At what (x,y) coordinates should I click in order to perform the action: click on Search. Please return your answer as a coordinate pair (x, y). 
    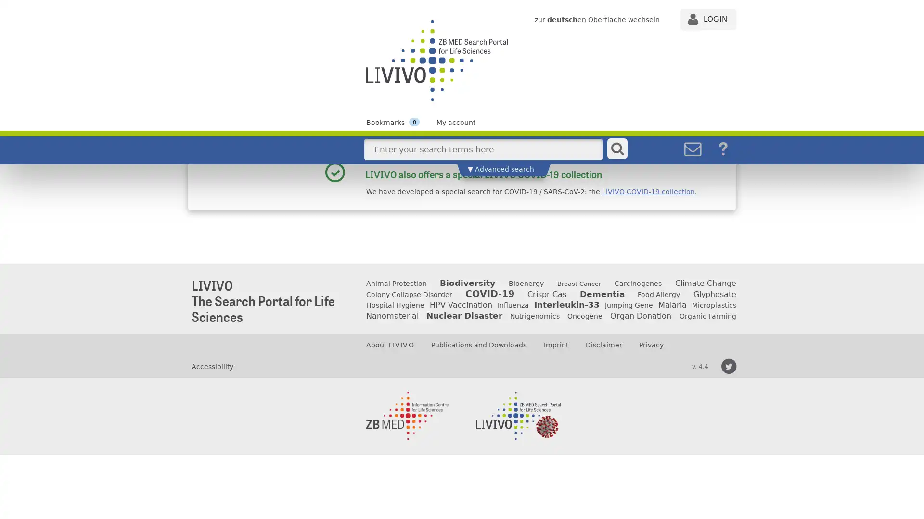
    Looking at the image, I should click on (617, 148).